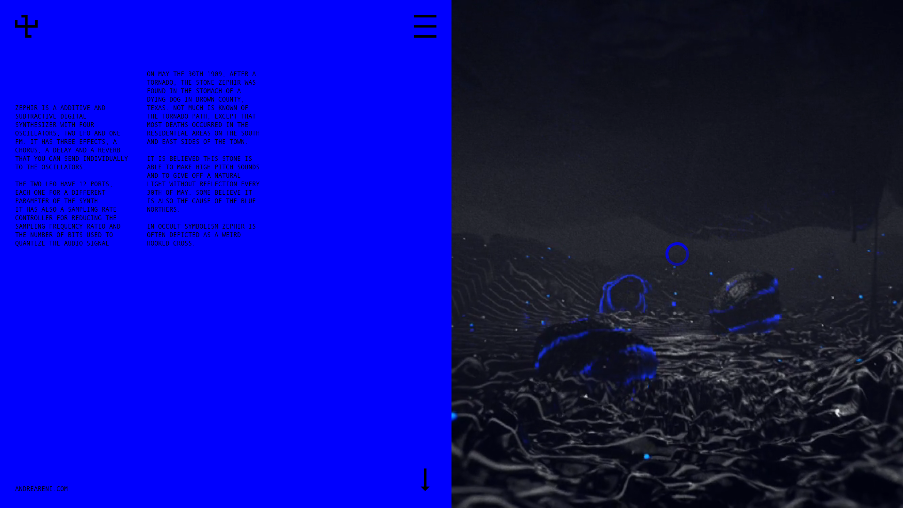 The width and height of the screenshot is (903, 508). Describe the element at coordinates (40, 488) in the screenshot. I see `'ANDREARENI.COM'` at that location.